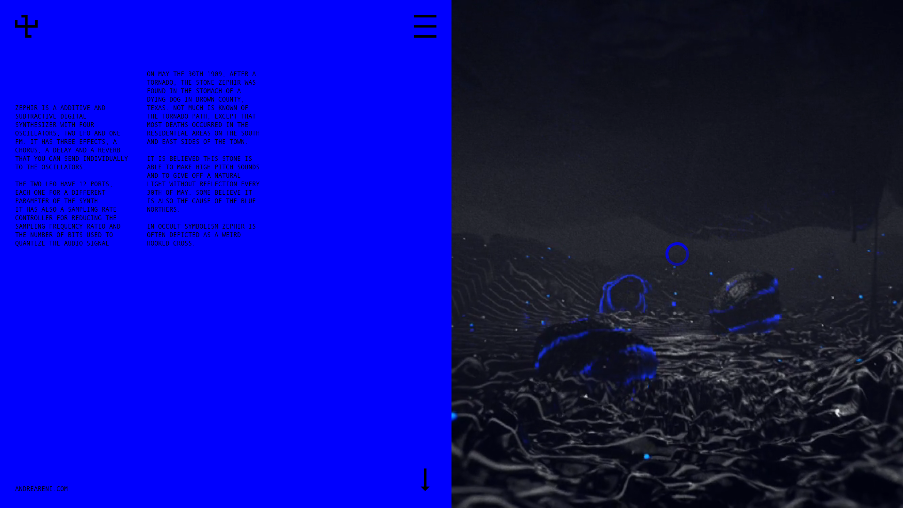 The width and height of the screenshot is (903, 508). Describe the element at coordinates (40, 488) in the screenshot. I see `'ANDREARENI.COM'` at that location.